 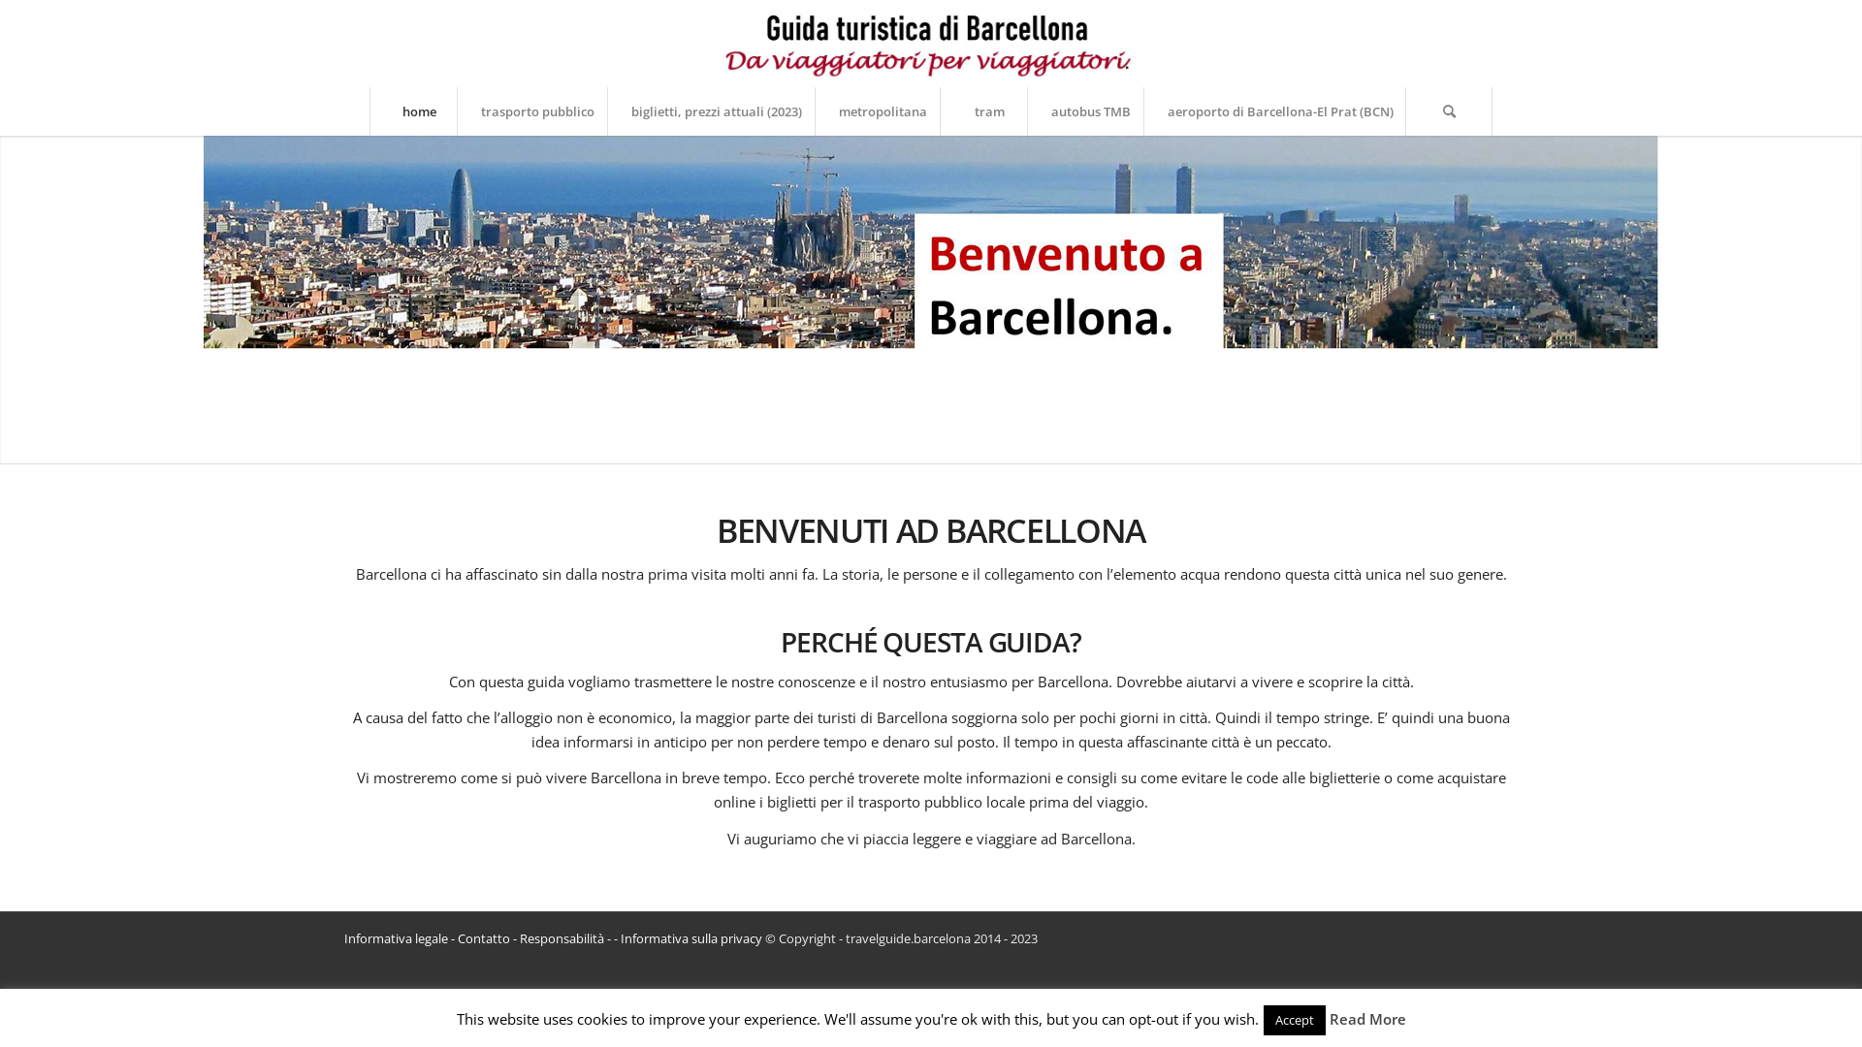 I want to click on 'Read More', so click(x=1365, y=1017).